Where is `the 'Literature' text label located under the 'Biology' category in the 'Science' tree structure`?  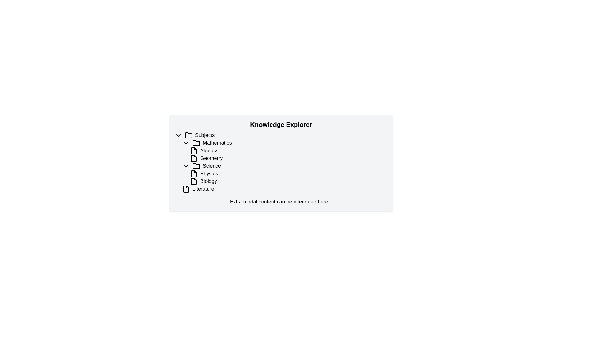 the 'Literature' text label located under the 'Biology' category in the 'Science' tree structure is located at coordinates (203, 188).